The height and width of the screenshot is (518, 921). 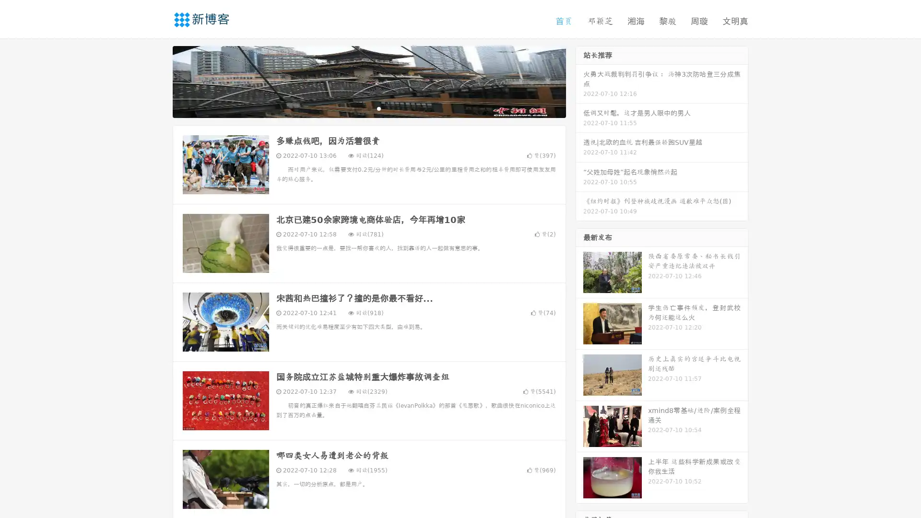 I want to click on Go to slide 2, so click(x=368, y=108).